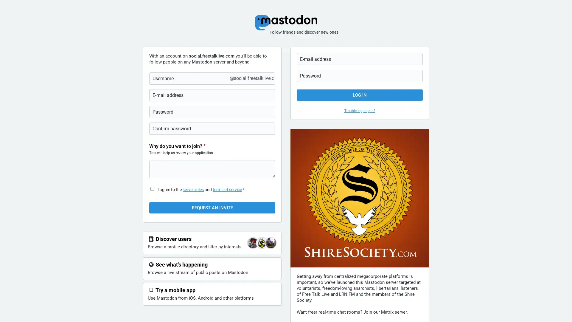  Describe the element at coordinates (212, 208) in the screenshot. I see `REQUEST AN INVITE` at that location.